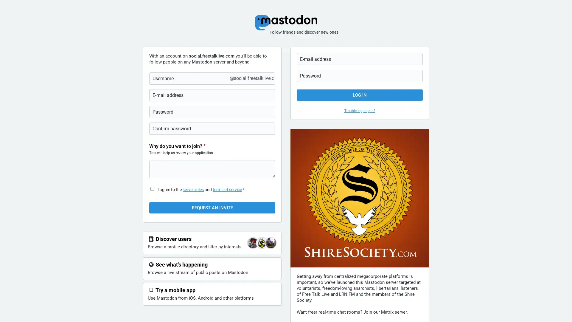  Describe the element at coordinates (212, 208) in the screenshot. I see `REQUEST AN INVITE` at that location.